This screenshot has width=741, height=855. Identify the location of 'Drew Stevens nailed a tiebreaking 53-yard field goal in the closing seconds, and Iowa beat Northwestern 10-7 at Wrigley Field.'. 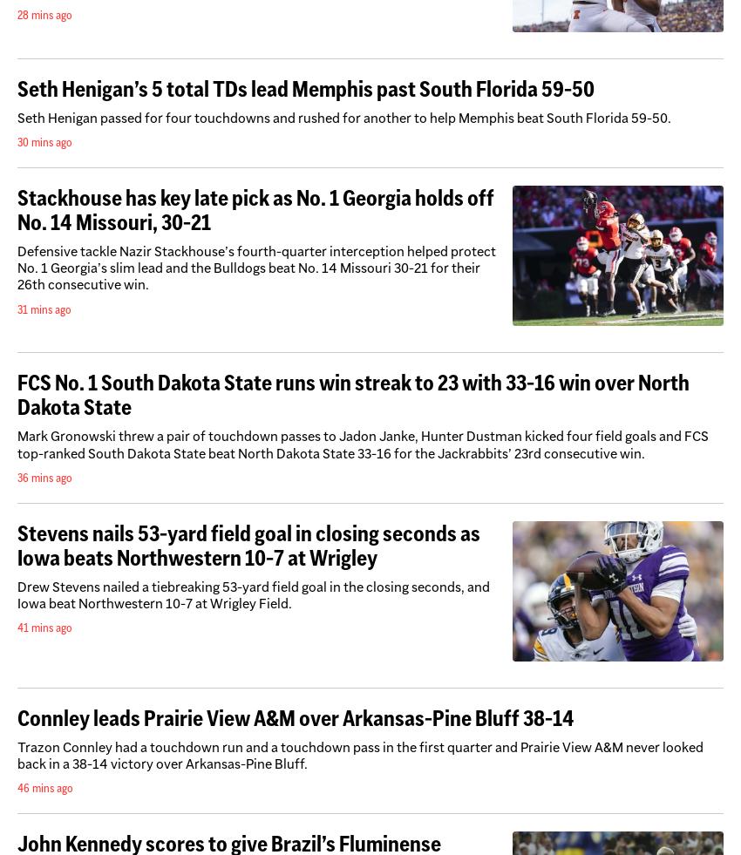
(253, 594).